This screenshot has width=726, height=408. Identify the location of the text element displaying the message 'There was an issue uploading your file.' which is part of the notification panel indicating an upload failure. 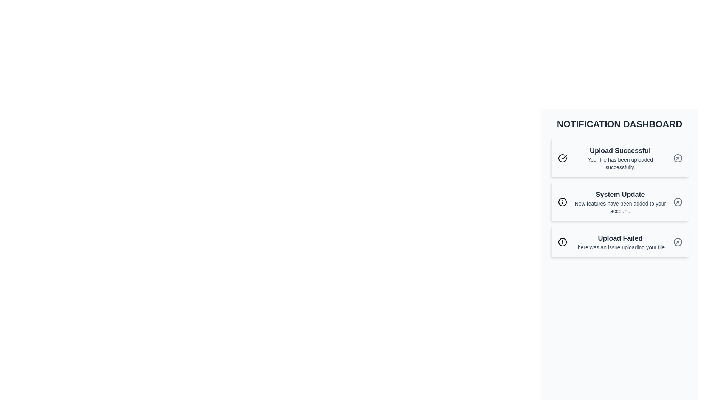
(620, 247).